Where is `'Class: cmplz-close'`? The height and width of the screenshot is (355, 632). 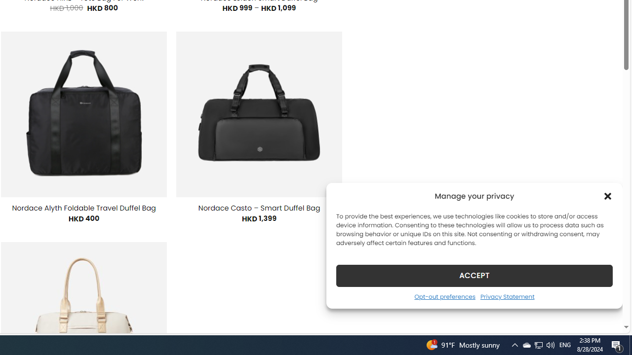 'Class: cmplz-close' is located at coordinates (607, 196).